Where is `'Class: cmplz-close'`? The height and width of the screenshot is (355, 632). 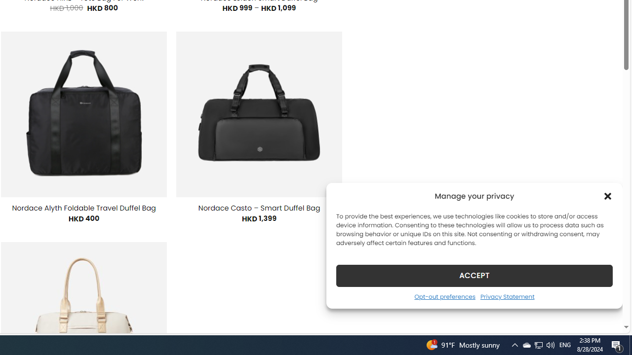 'Class: cmplz-close' is located at coordinates (607, 196).